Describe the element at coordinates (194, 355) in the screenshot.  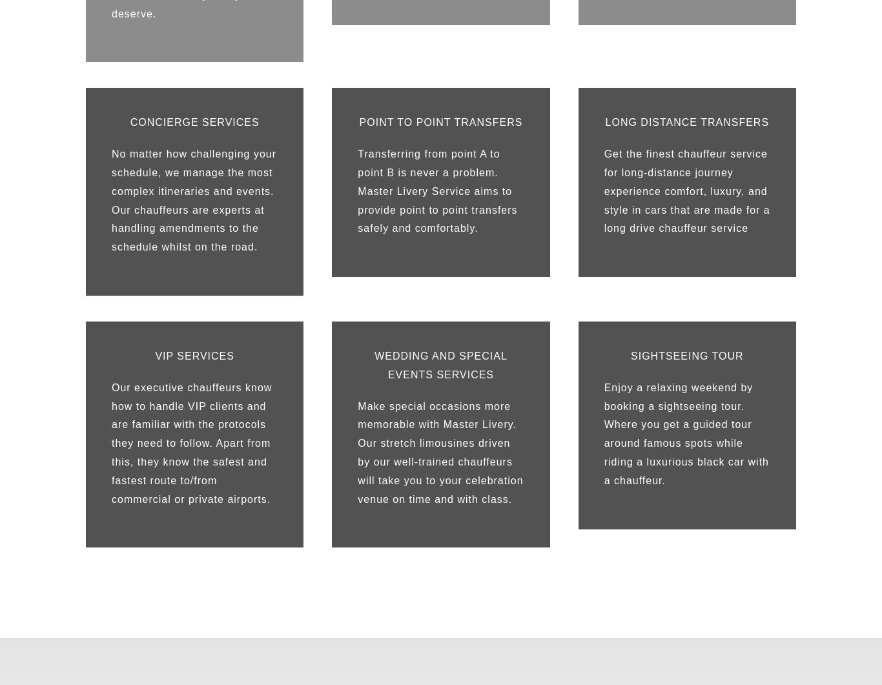
I see `'VIP SERVICES'` at that location.